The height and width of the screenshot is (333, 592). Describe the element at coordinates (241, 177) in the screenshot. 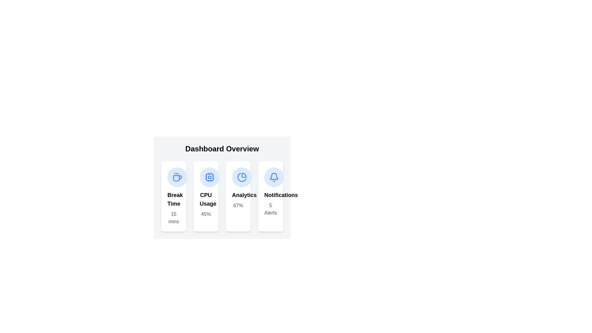

I see `the analytics icon located as the third item in the horizontally aligned set under the 'Dashboard Overview' heading` at that location.